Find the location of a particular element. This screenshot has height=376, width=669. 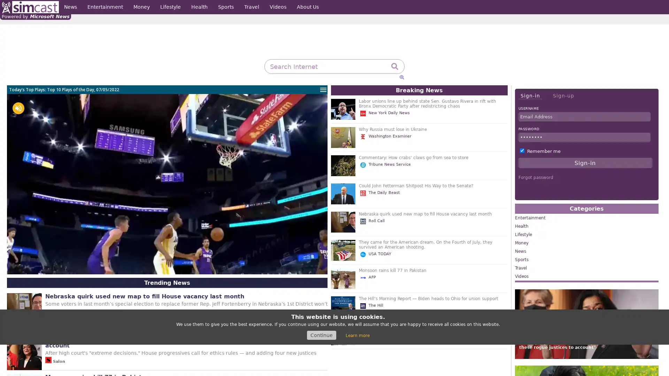

Continue is located at coordinates (321, 335).